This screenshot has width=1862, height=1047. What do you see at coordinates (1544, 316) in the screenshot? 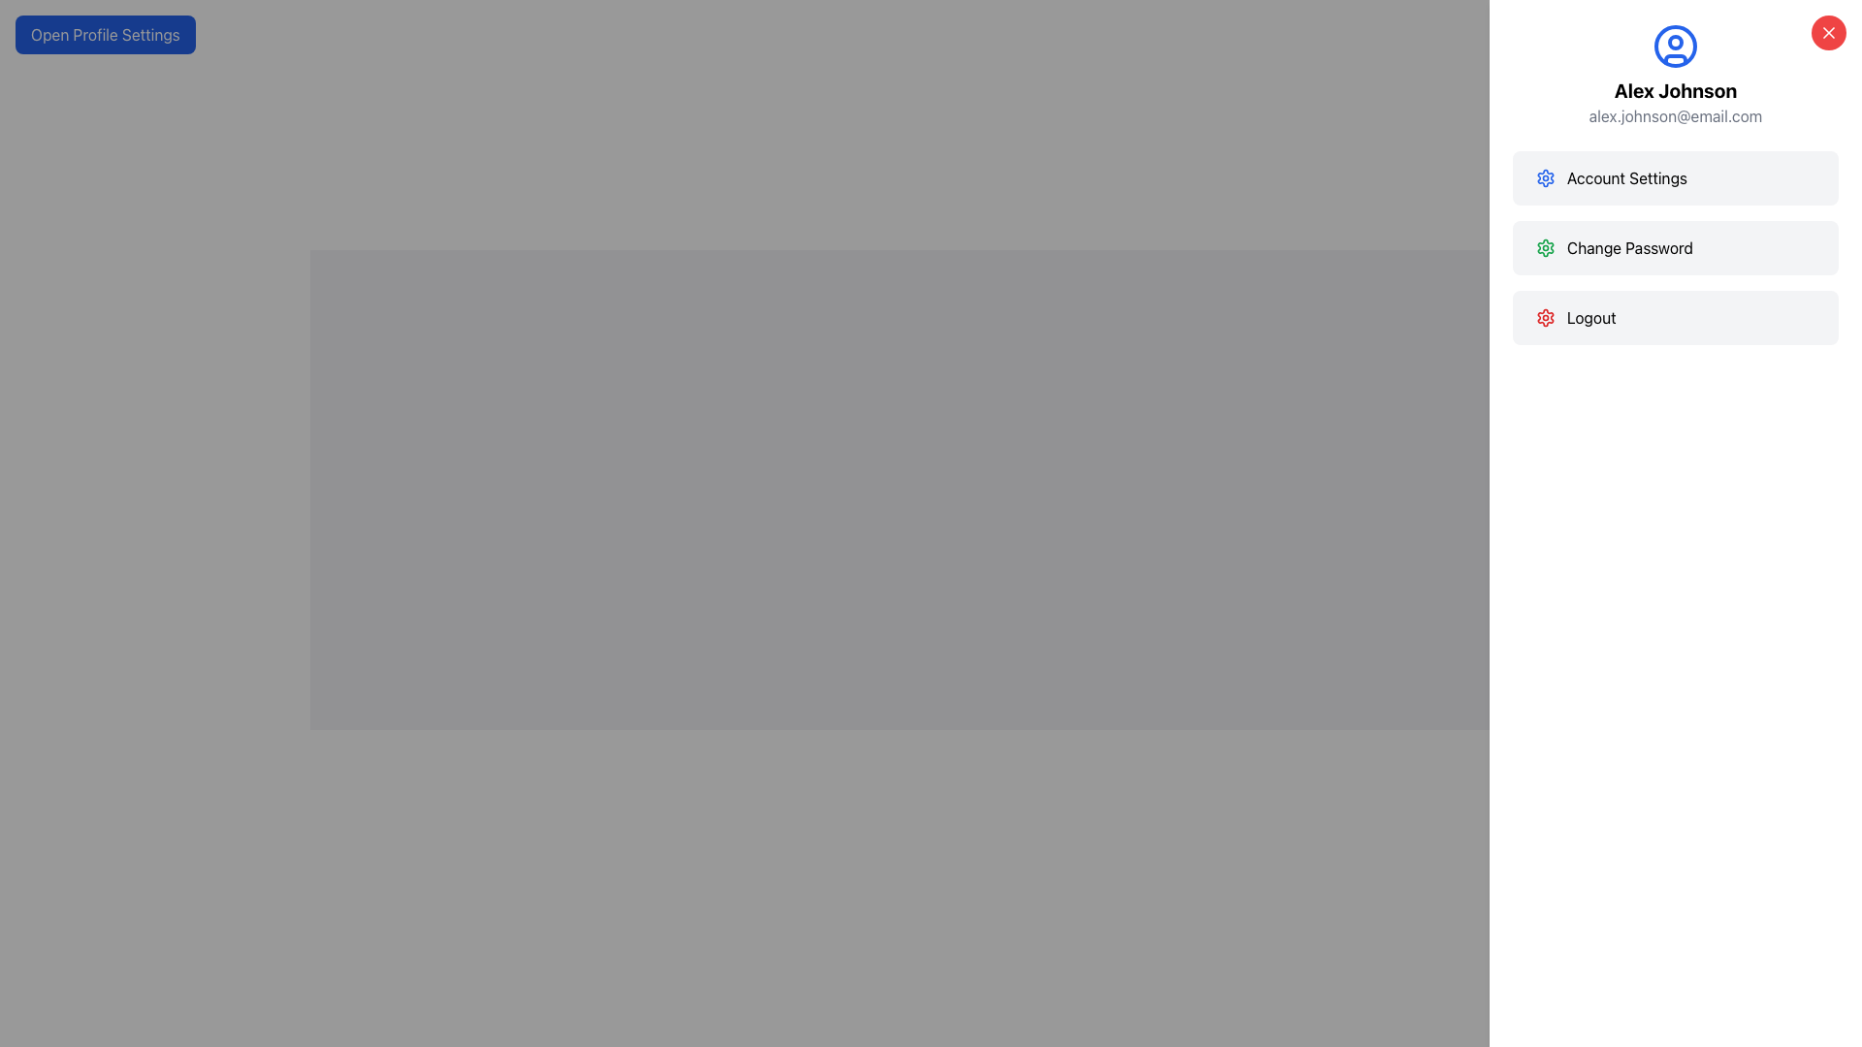
I see `the 'Logout' icon located to the left of the 'Logout' text label in the profile management section` at bounding box center [1544, 316].